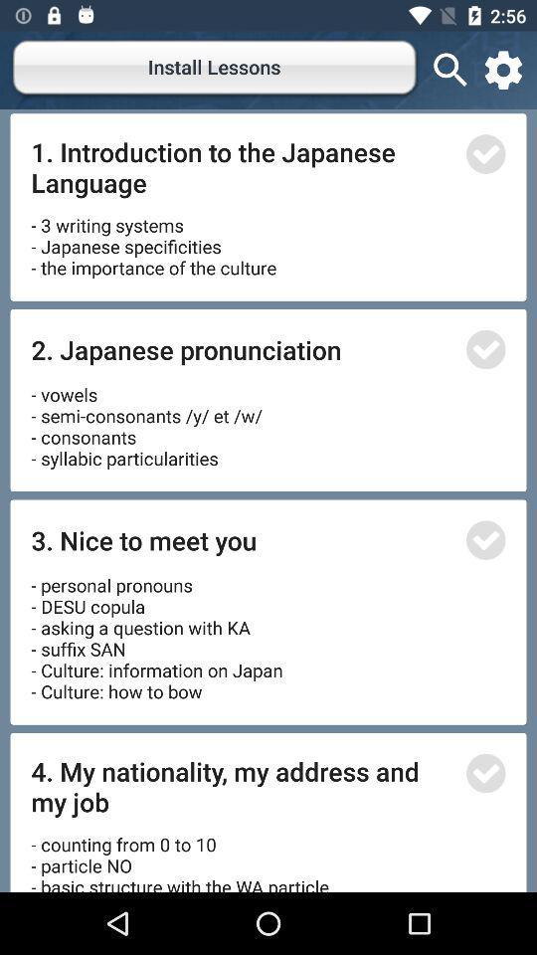 This screenshot has width=537, height=955. What do you see at coordinates (484, 772) in the screenshot?
I see `mark on the following lesson tick for select` at bounding box center [484, 772].